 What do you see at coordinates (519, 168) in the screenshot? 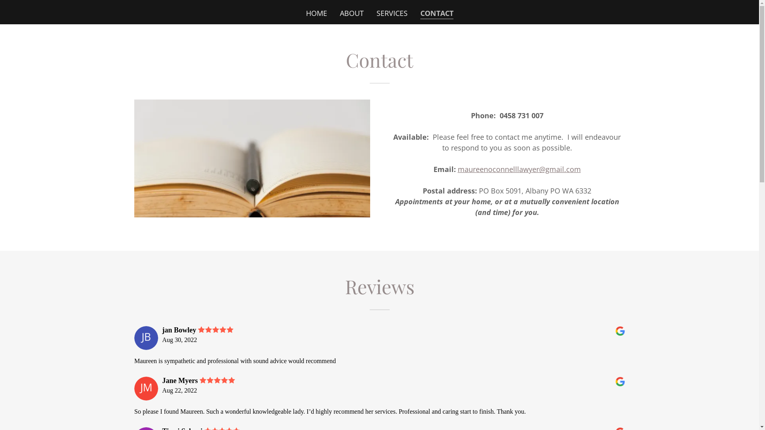
I see `'maureenoconnelllawyer@gmail.com'` at bounding box center [519, 168].